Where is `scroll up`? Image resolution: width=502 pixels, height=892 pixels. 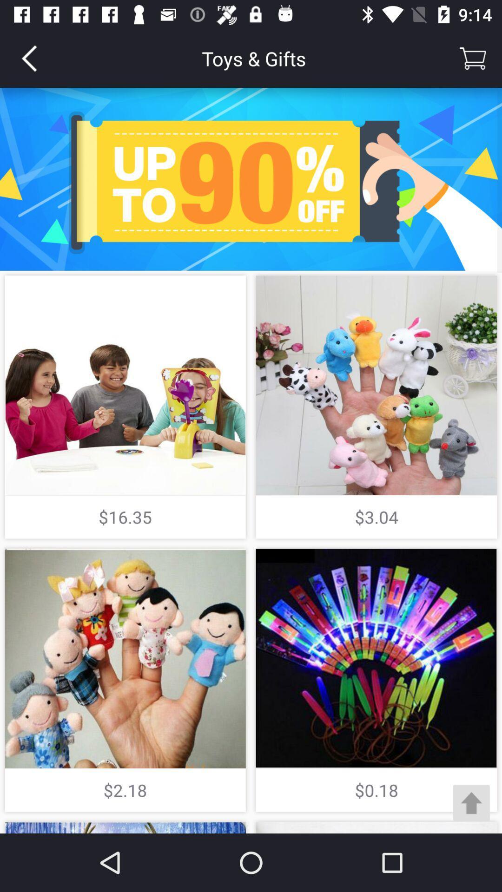 scroll up is located at coordinates (471, 802).